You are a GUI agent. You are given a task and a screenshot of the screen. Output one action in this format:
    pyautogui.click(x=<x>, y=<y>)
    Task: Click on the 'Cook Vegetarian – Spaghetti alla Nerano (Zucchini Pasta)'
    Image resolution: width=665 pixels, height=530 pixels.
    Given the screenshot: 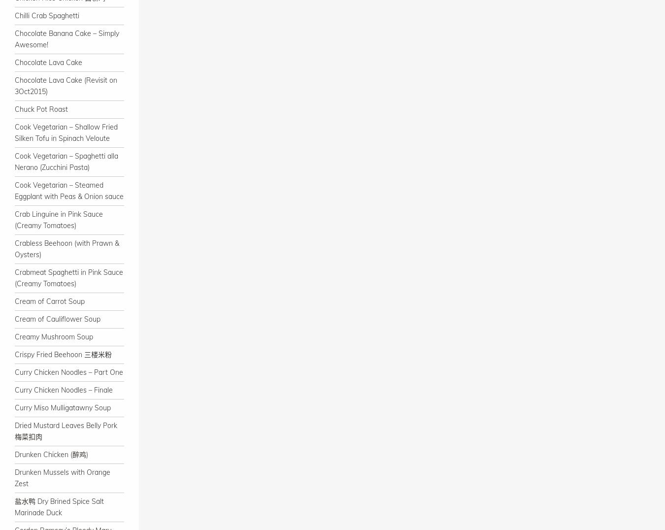 What is the action you would take?
    pyautogui.click(x=66, y=162)
    